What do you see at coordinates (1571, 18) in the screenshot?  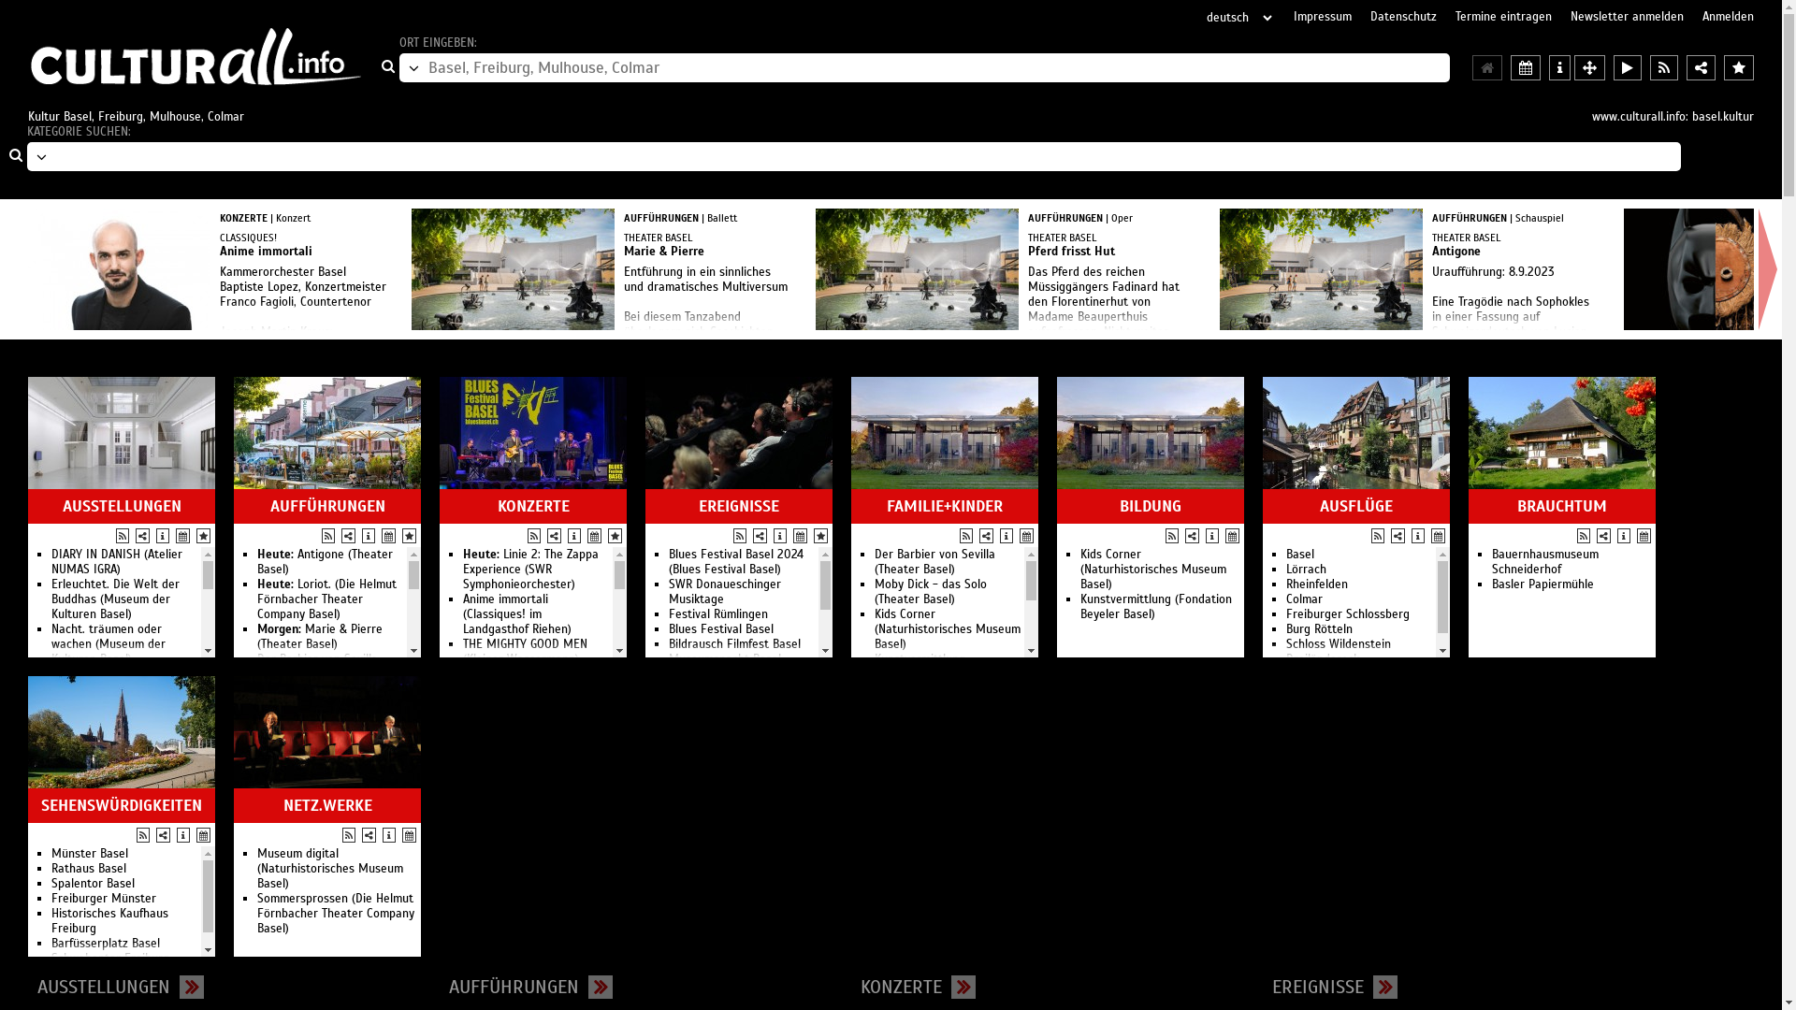 I see `'Newsletter anmelden'` at bounding box center [1571, 18].